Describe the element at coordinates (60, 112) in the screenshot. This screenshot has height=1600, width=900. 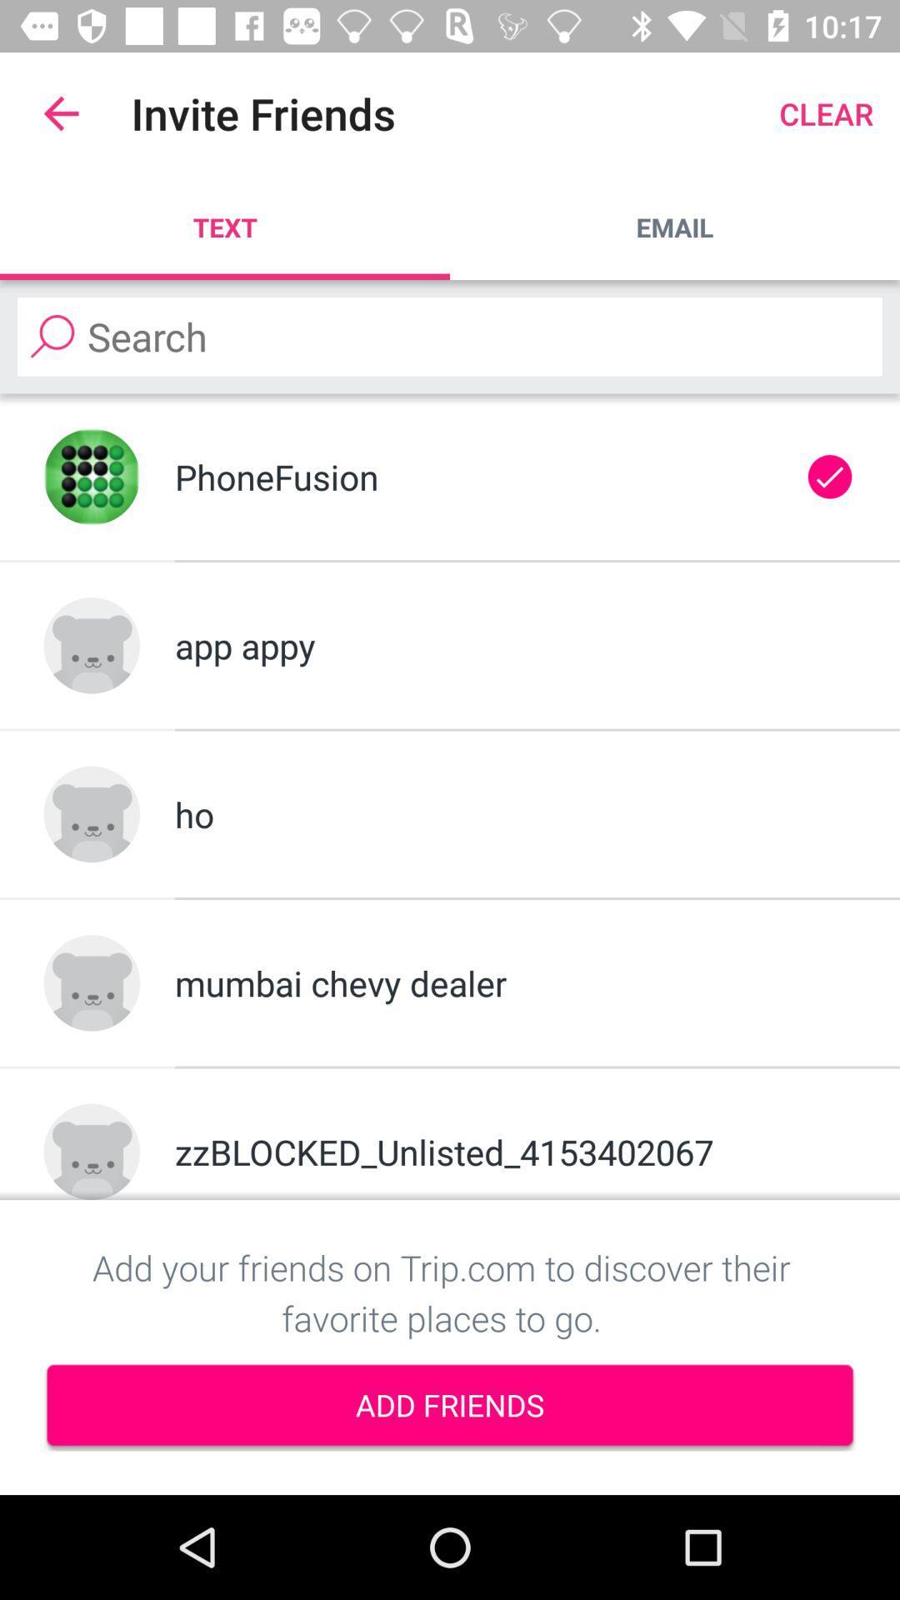
I see `the app to the left of the invite friends` at that location.